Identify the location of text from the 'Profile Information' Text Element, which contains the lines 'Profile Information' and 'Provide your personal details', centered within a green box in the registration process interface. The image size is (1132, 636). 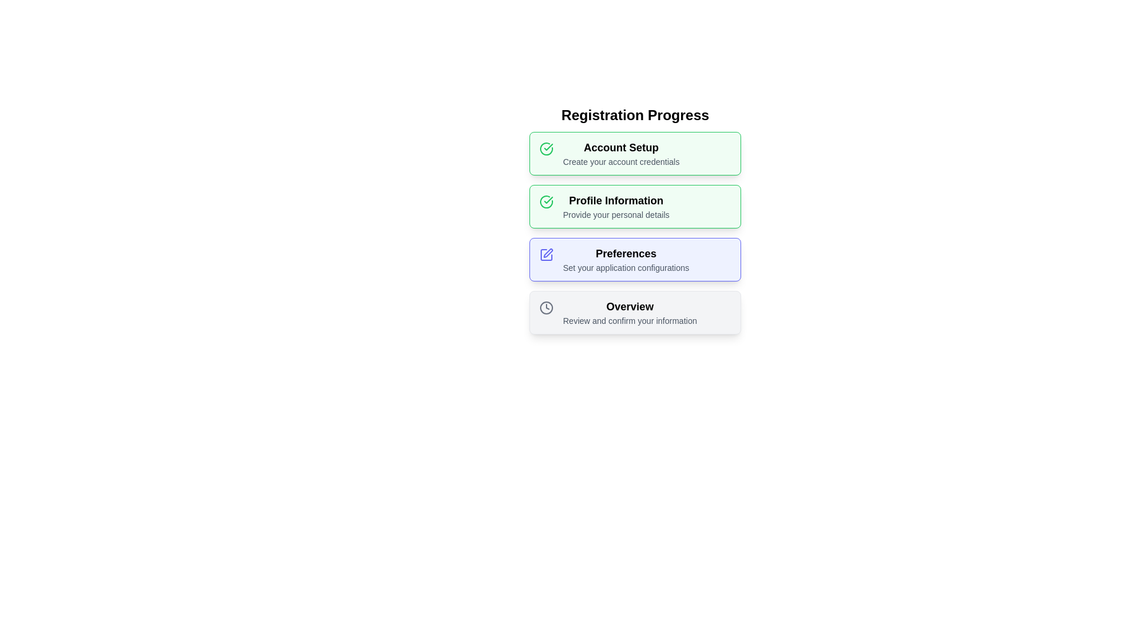
(616, 206).